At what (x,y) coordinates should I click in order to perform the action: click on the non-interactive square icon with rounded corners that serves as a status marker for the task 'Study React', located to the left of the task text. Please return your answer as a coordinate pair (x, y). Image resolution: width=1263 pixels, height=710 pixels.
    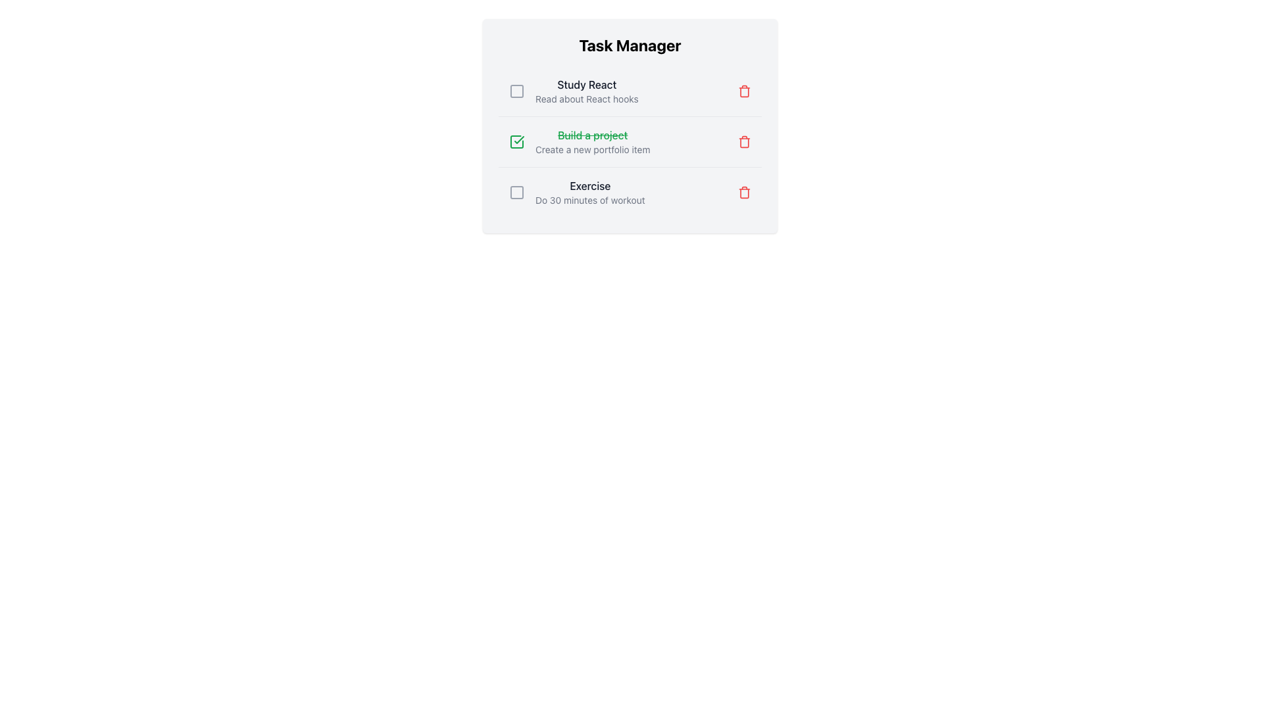
    Looking at the image, I should click on (516, 90).